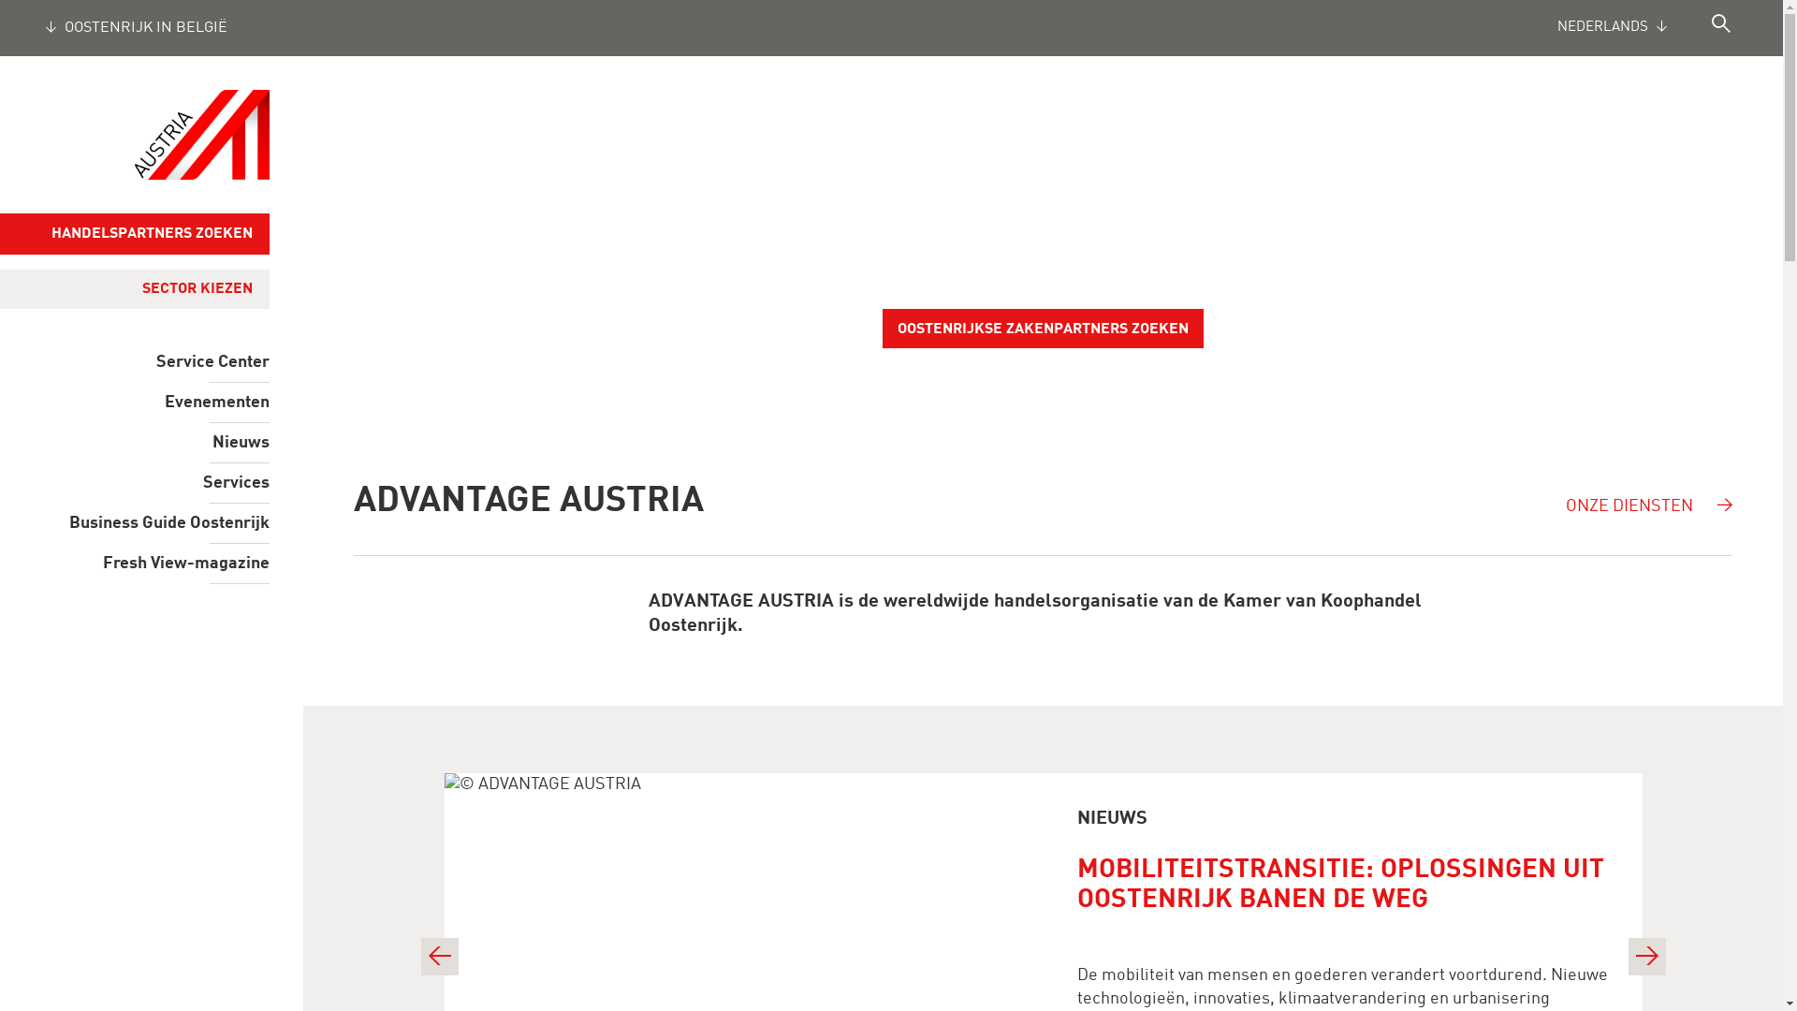 This screenshot has height=1011, width=1797. I want to click on 'ONZE DIENSTEN', so click(1652, 492).